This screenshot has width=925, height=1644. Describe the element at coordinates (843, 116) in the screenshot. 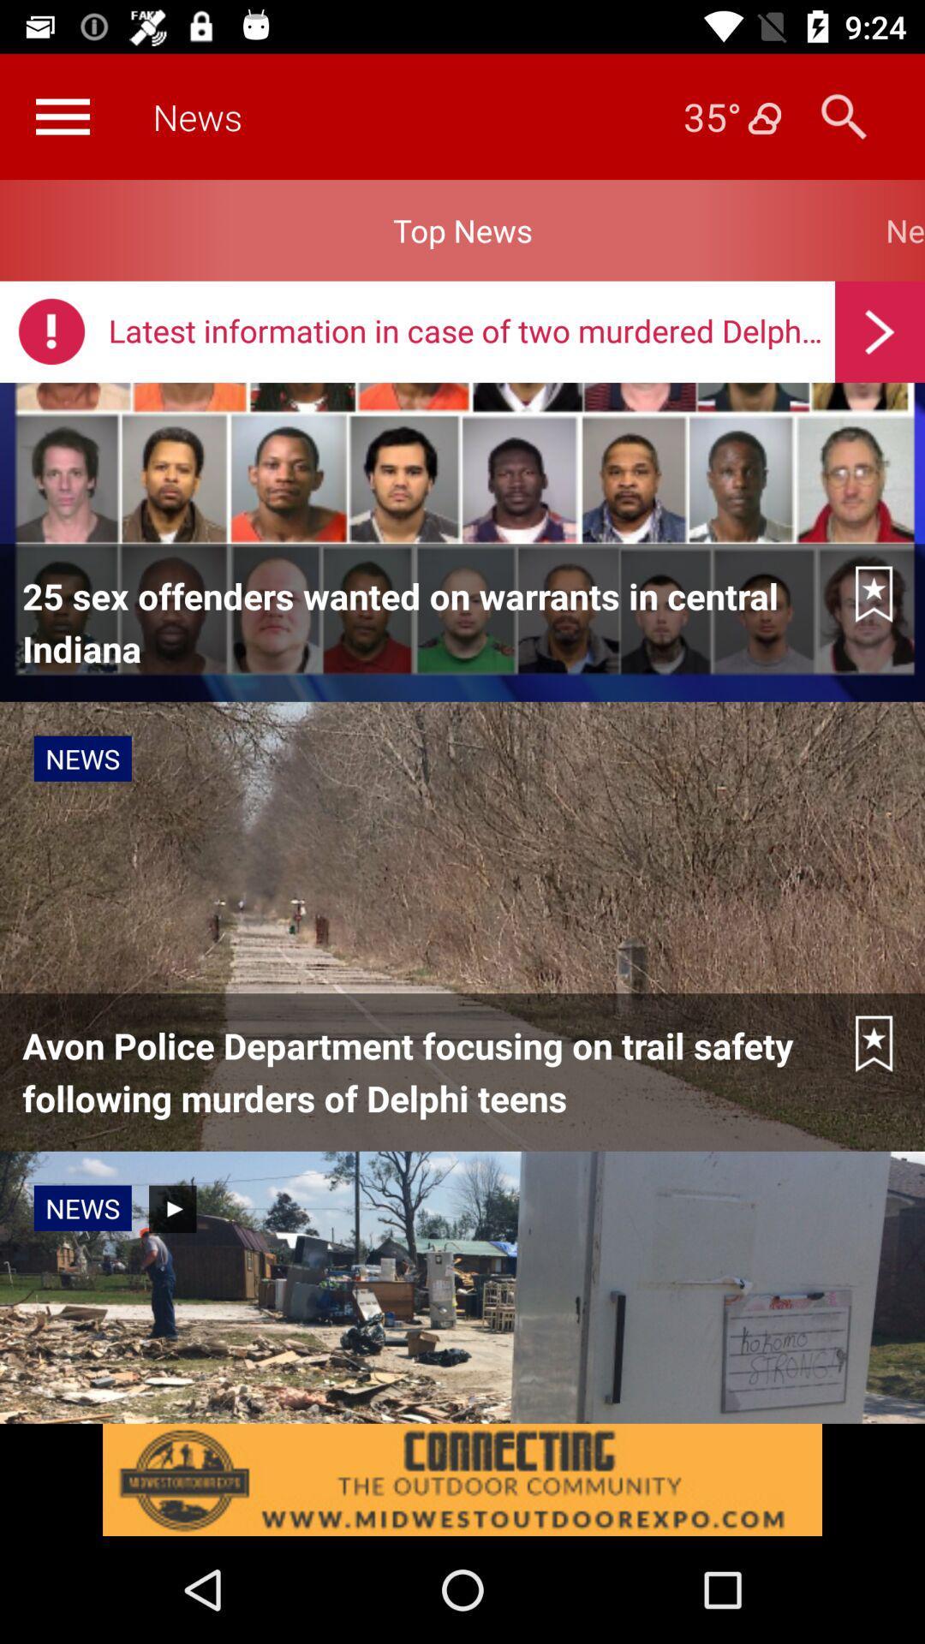

I see `search` at that location.